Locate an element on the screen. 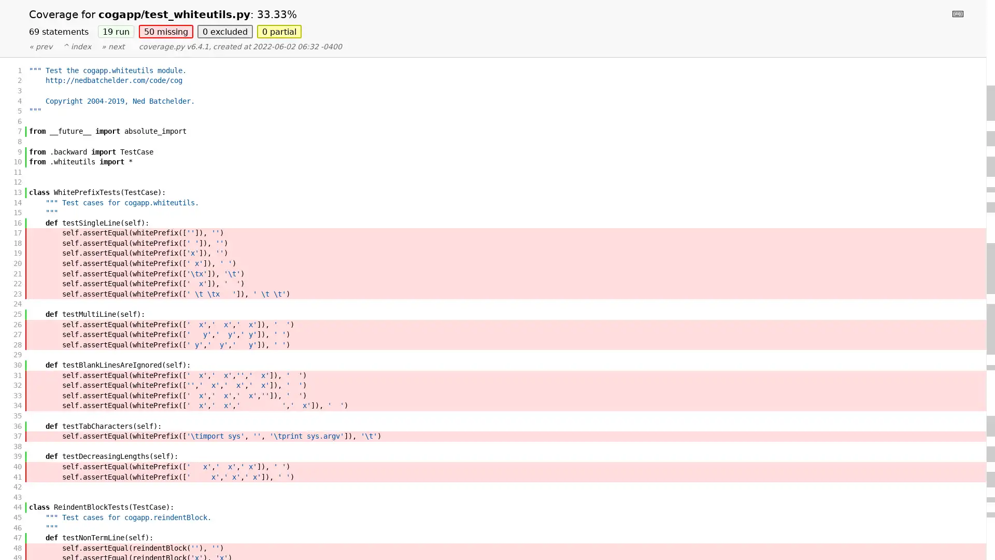 The height and width of the screenshot is (560, 995). 0 excluded is located at coordinates (224, 31).